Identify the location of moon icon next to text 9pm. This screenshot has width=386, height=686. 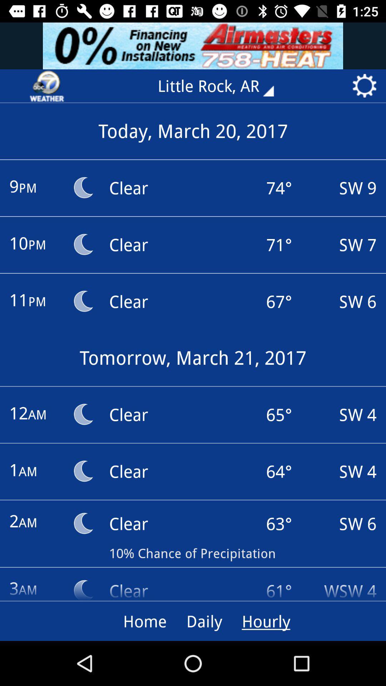
(82, 188).